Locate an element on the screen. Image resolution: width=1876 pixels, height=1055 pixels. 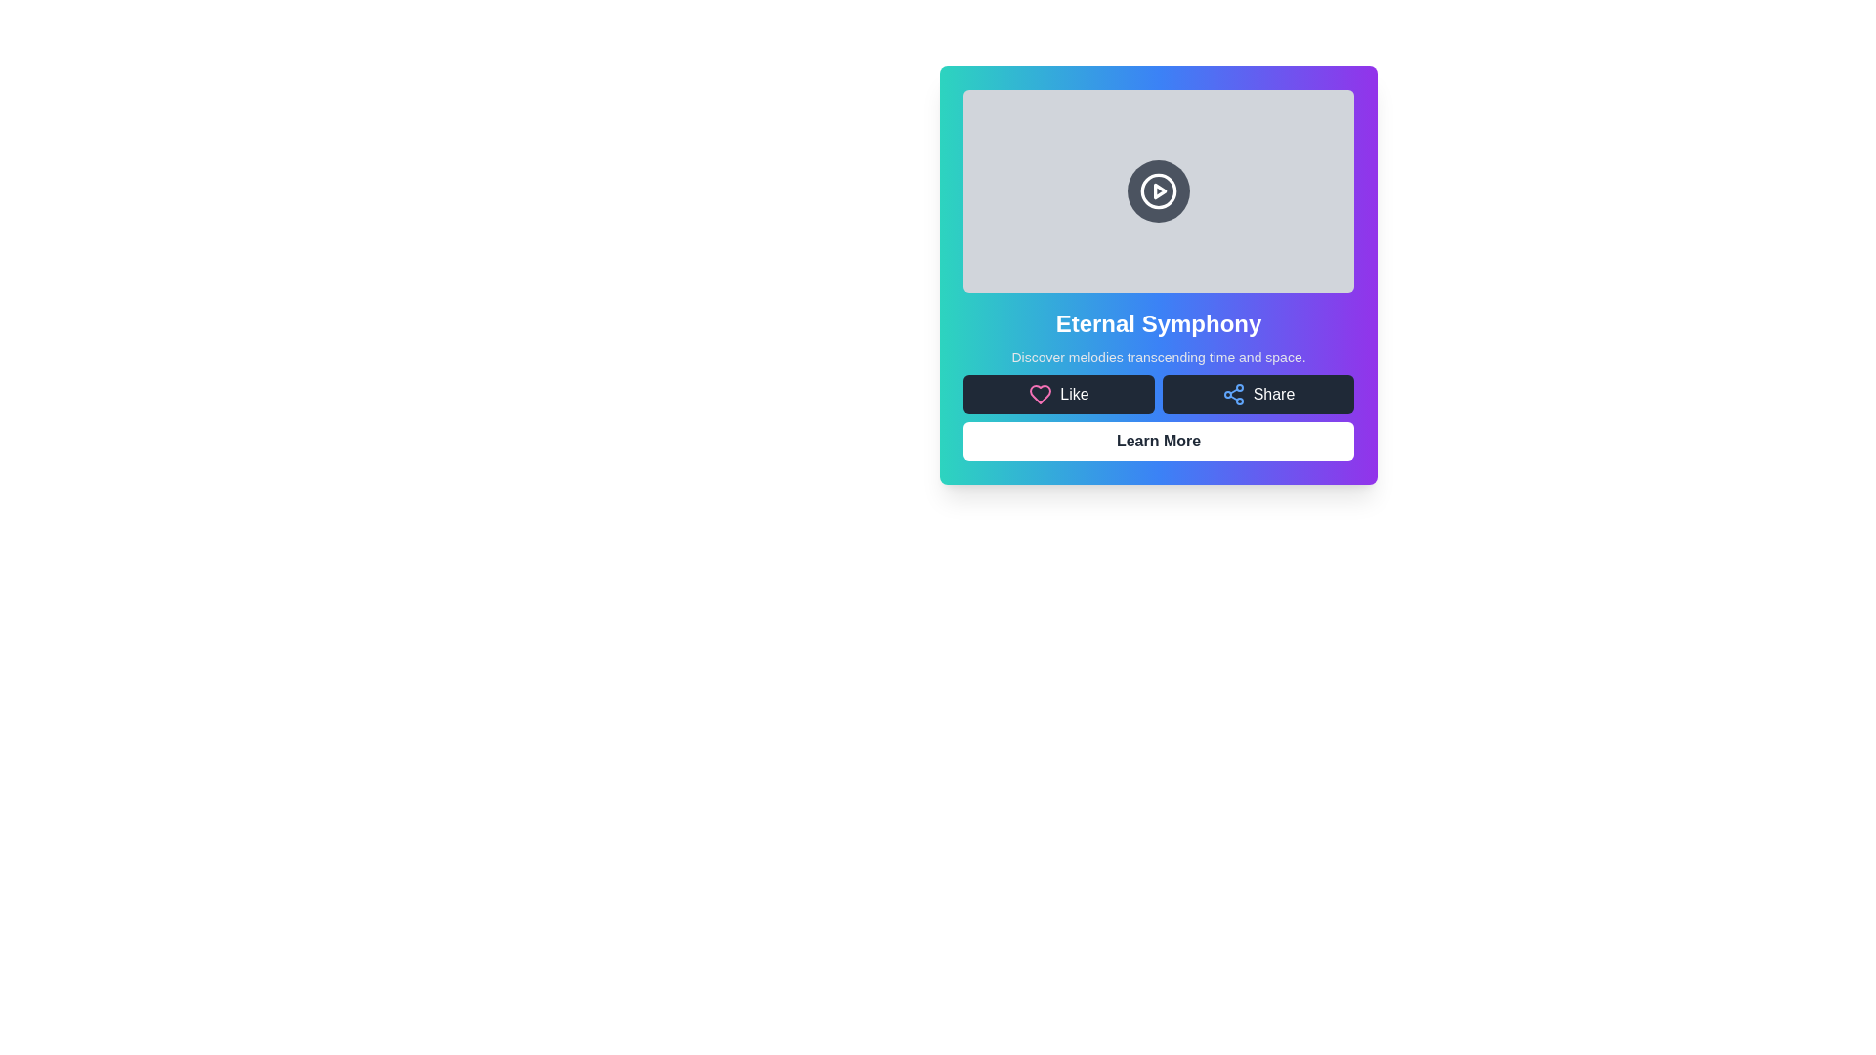
the 'Share' button which has a dark background, rounded corners, a blue share icon, and white text, located beneath the 'Eternal Symphony' section is located at coordinates (1258, 395).